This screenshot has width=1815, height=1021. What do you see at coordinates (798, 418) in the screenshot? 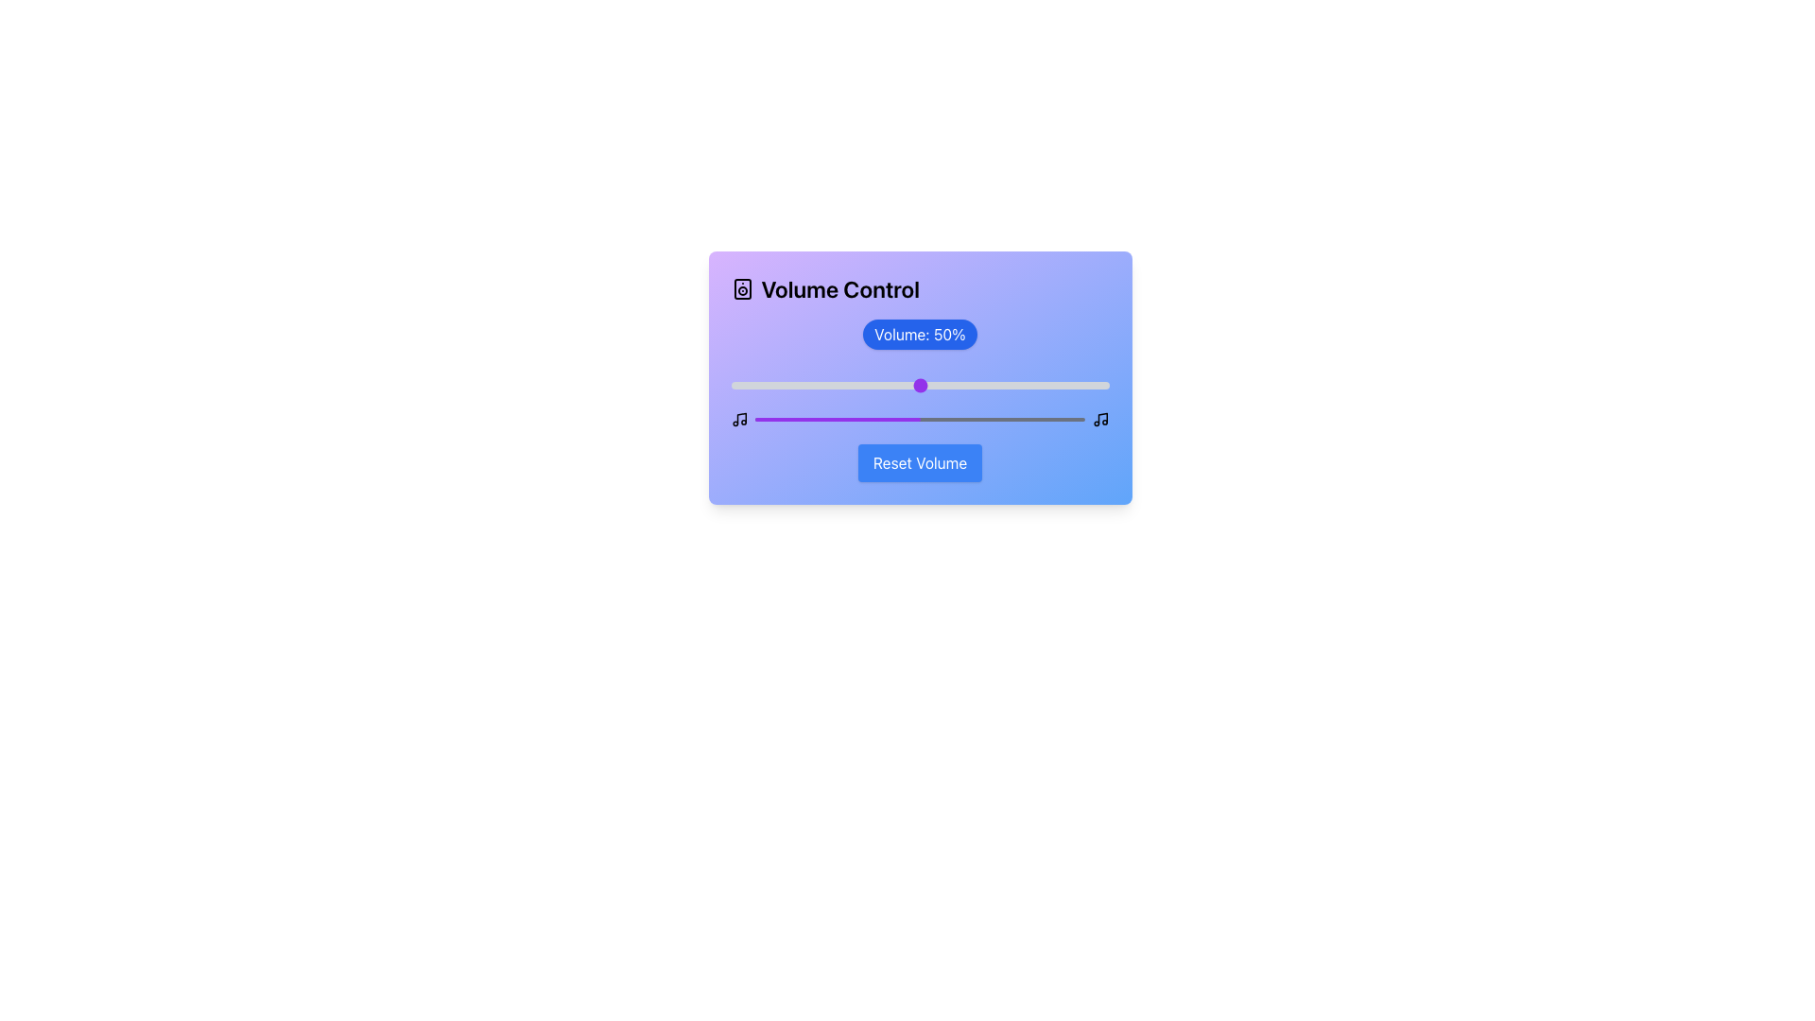
I see `the volume` at bounding box center [798, 418].